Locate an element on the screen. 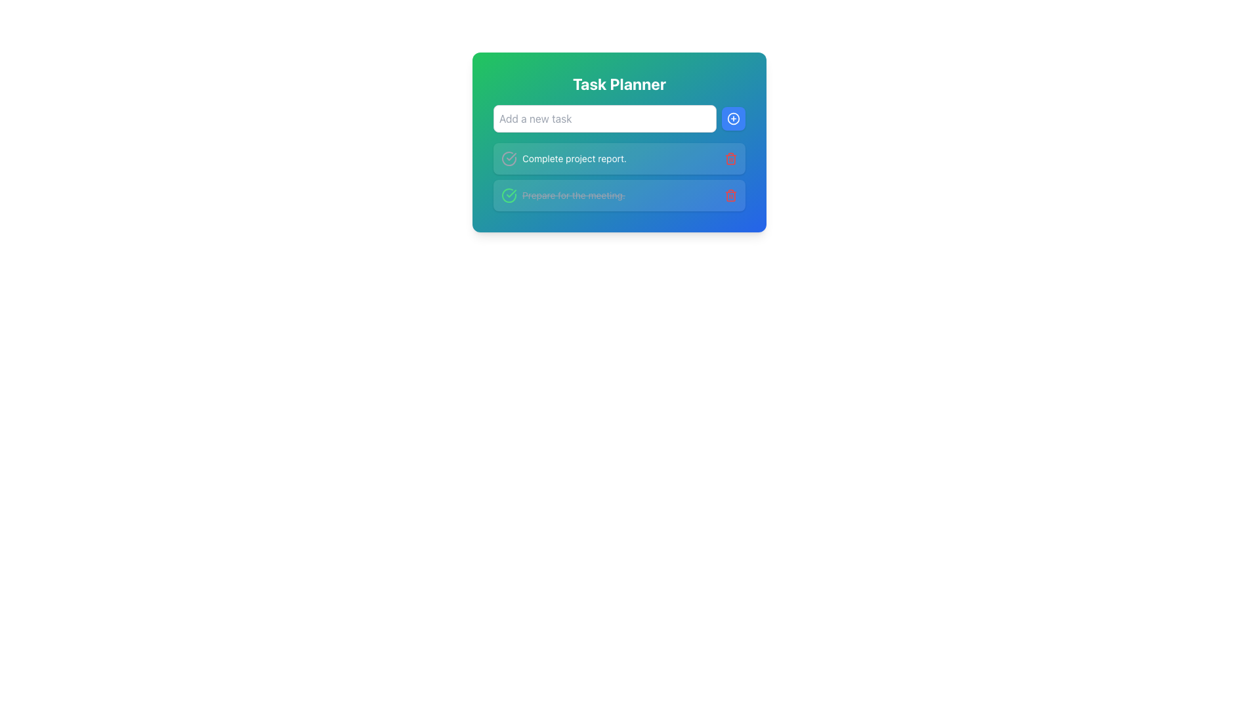  text from the Text Label element that contains 'Complete project report.' positioned within a task management widget, located between a checkmark icon and a trash icon is located at coordinates (574, 158).